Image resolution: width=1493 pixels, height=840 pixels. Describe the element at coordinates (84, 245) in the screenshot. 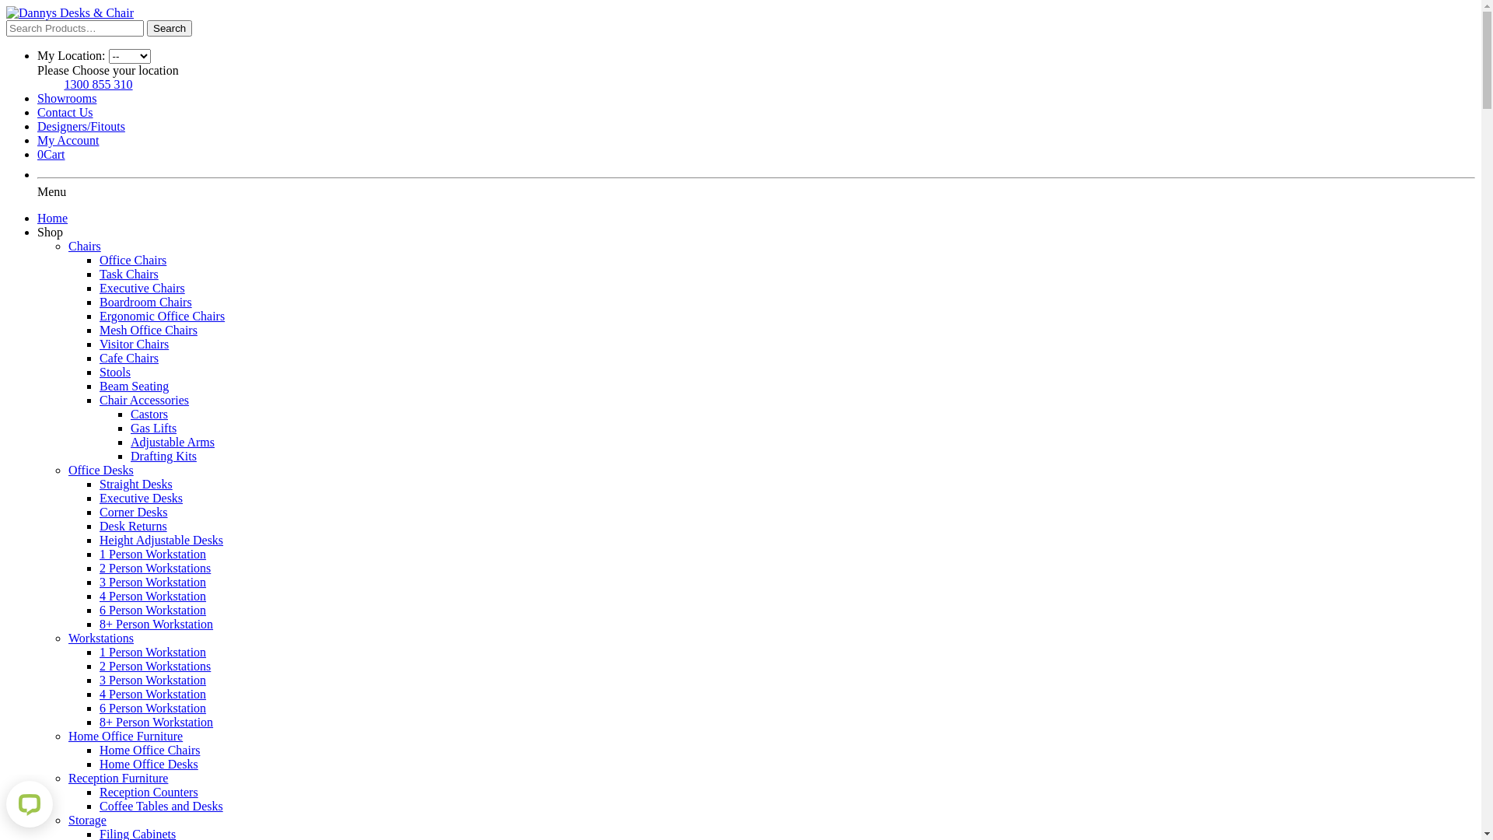

I see `'Chairs'` at that location.